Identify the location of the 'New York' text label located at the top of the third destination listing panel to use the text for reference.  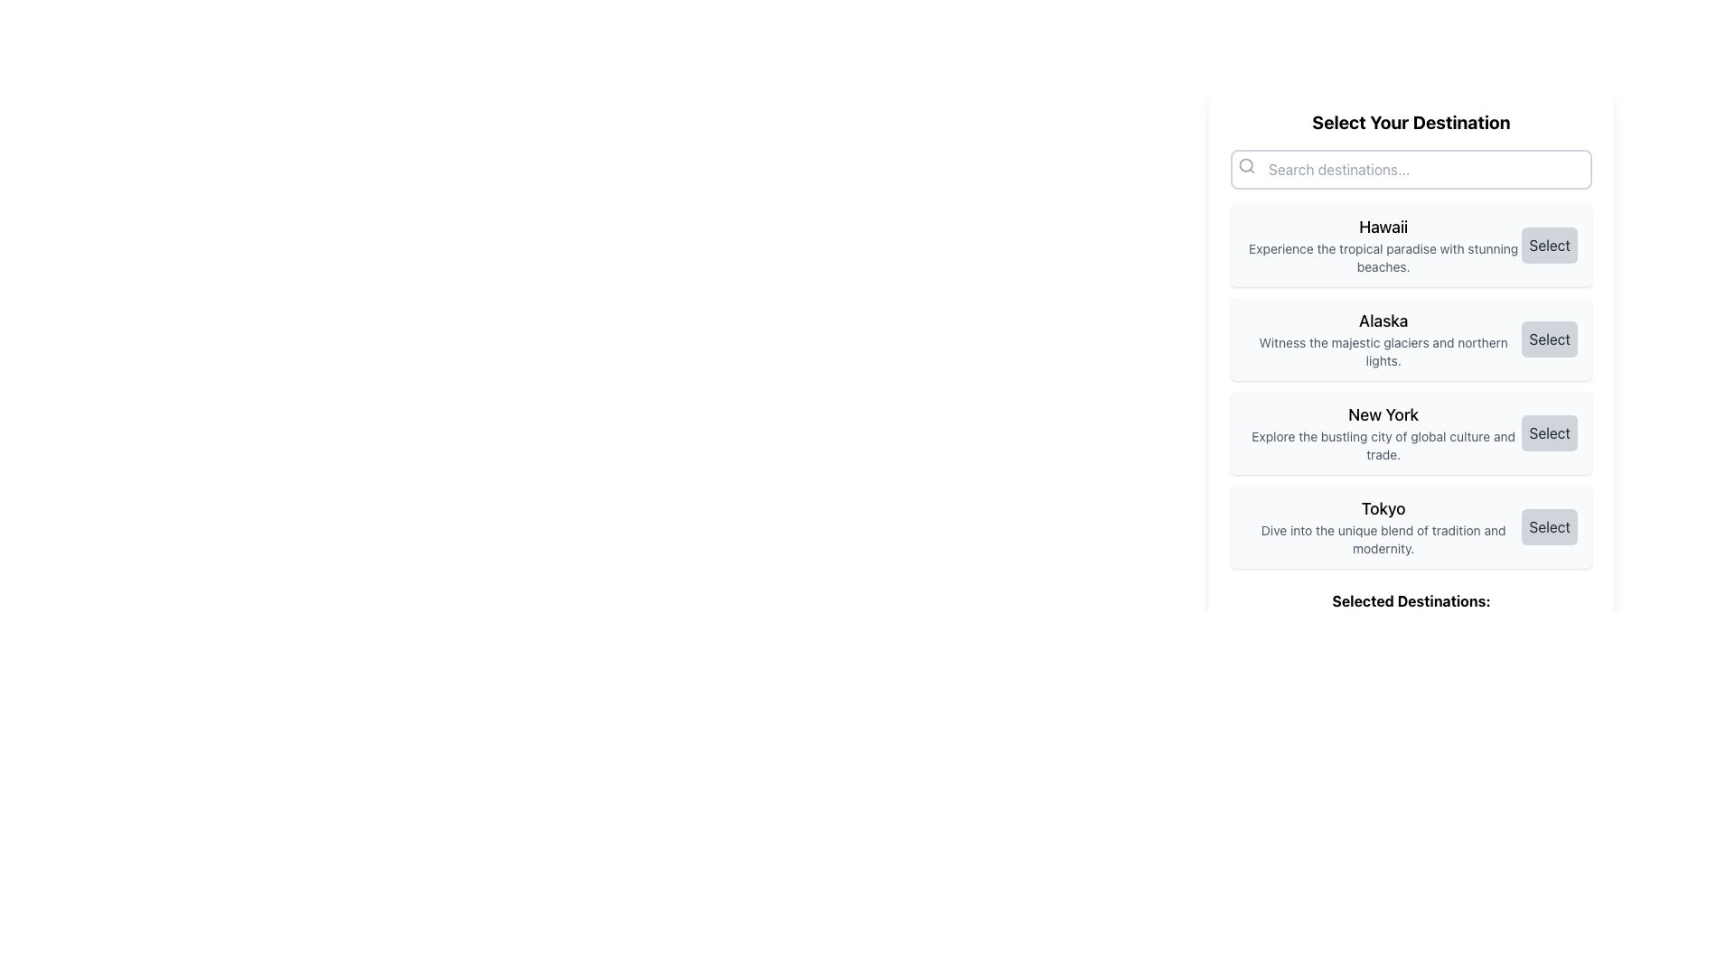
(1383, 414).